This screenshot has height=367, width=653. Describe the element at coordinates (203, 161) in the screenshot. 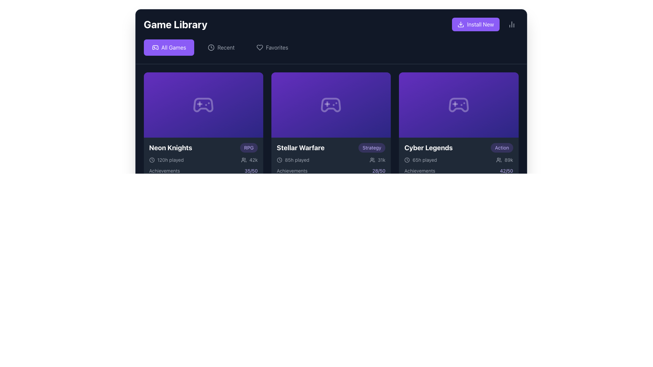

I see `the Card component representing a game in the user's library` at that location.